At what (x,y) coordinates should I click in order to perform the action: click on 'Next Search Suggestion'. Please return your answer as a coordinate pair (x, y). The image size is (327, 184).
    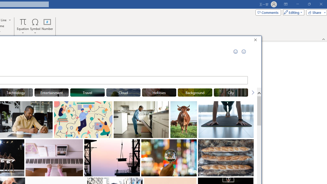
    Looking at the image, I should click on (253, 93).